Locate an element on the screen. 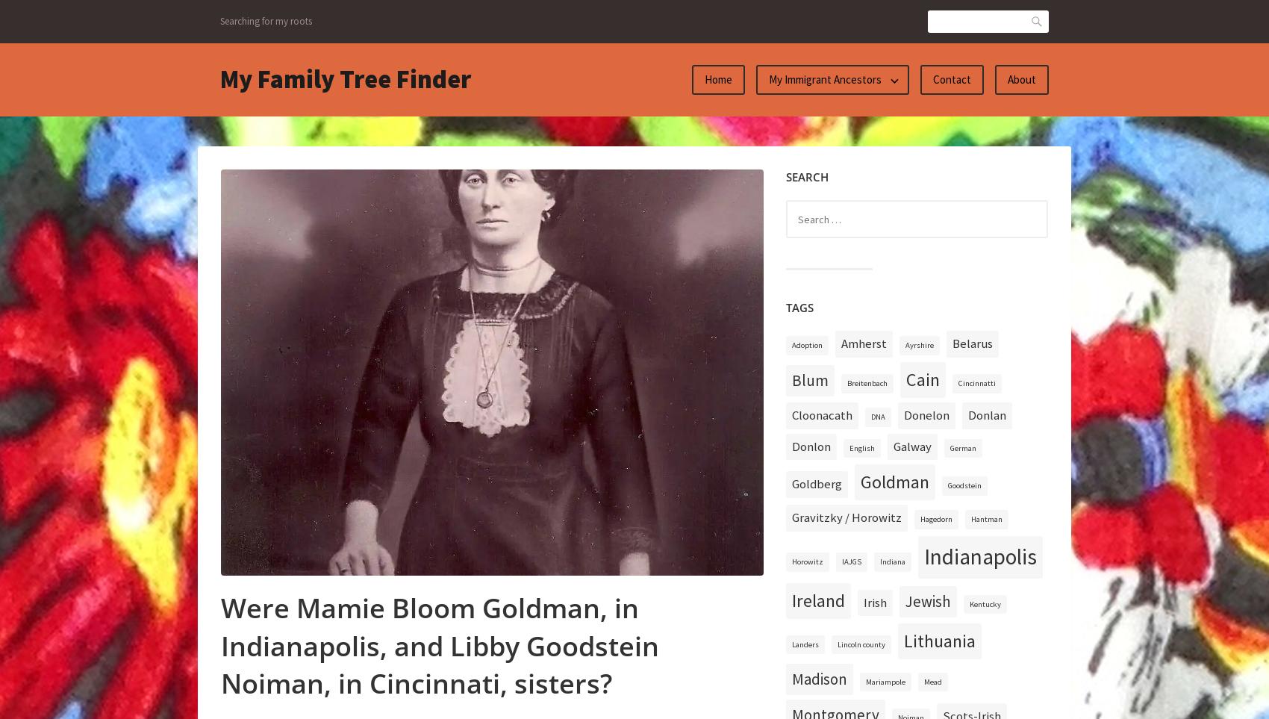 The width and height of the screenshot is (1269, 719). 'Ireland' is located at coordinates (791, 599).